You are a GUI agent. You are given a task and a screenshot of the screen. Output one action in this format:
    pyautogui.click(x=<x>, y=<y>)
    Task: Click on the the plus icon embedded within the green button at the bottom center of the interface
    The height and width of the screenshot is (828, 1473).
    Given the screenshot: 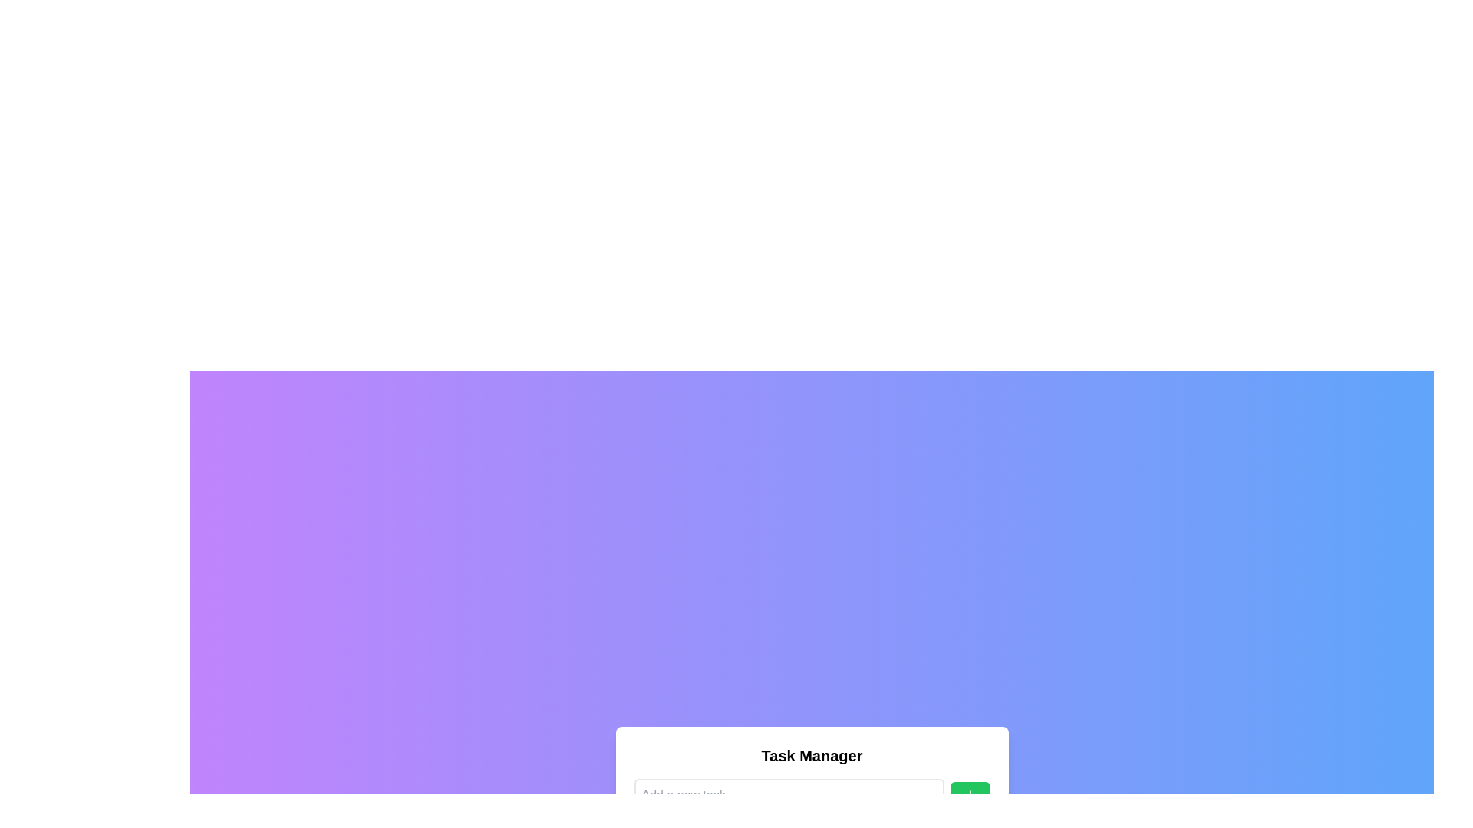 What is the action you would take?
    pyautogui.click(x=969, y=794)
    